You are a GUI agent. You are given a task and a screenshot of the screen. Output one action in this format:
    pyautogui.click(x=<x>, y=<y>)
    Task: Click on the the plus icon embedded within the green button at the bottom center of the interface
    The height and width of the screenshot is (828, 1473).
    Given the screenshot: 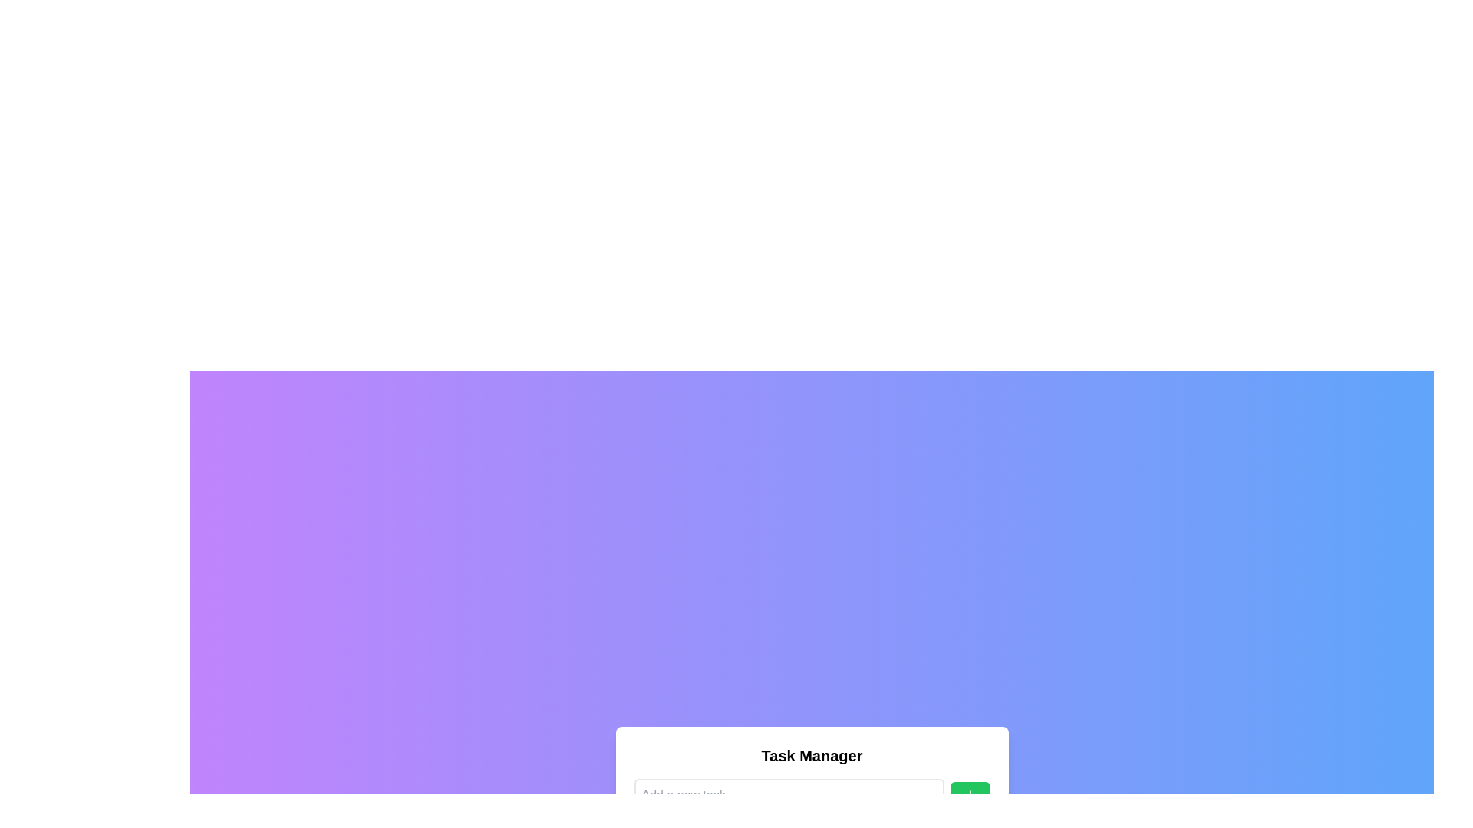 What is the action you would take?
    pyautogui.click(x=969, y=794)
    